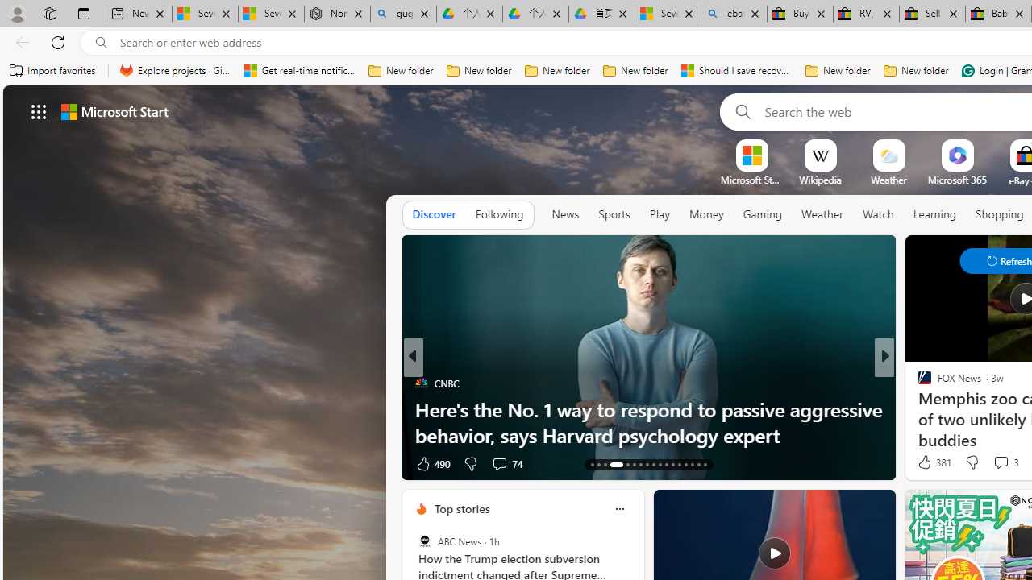 The height and width of the screenshot is (580, 1032). I want to click on 'AutomationID: tab-21', so click(653, 465).